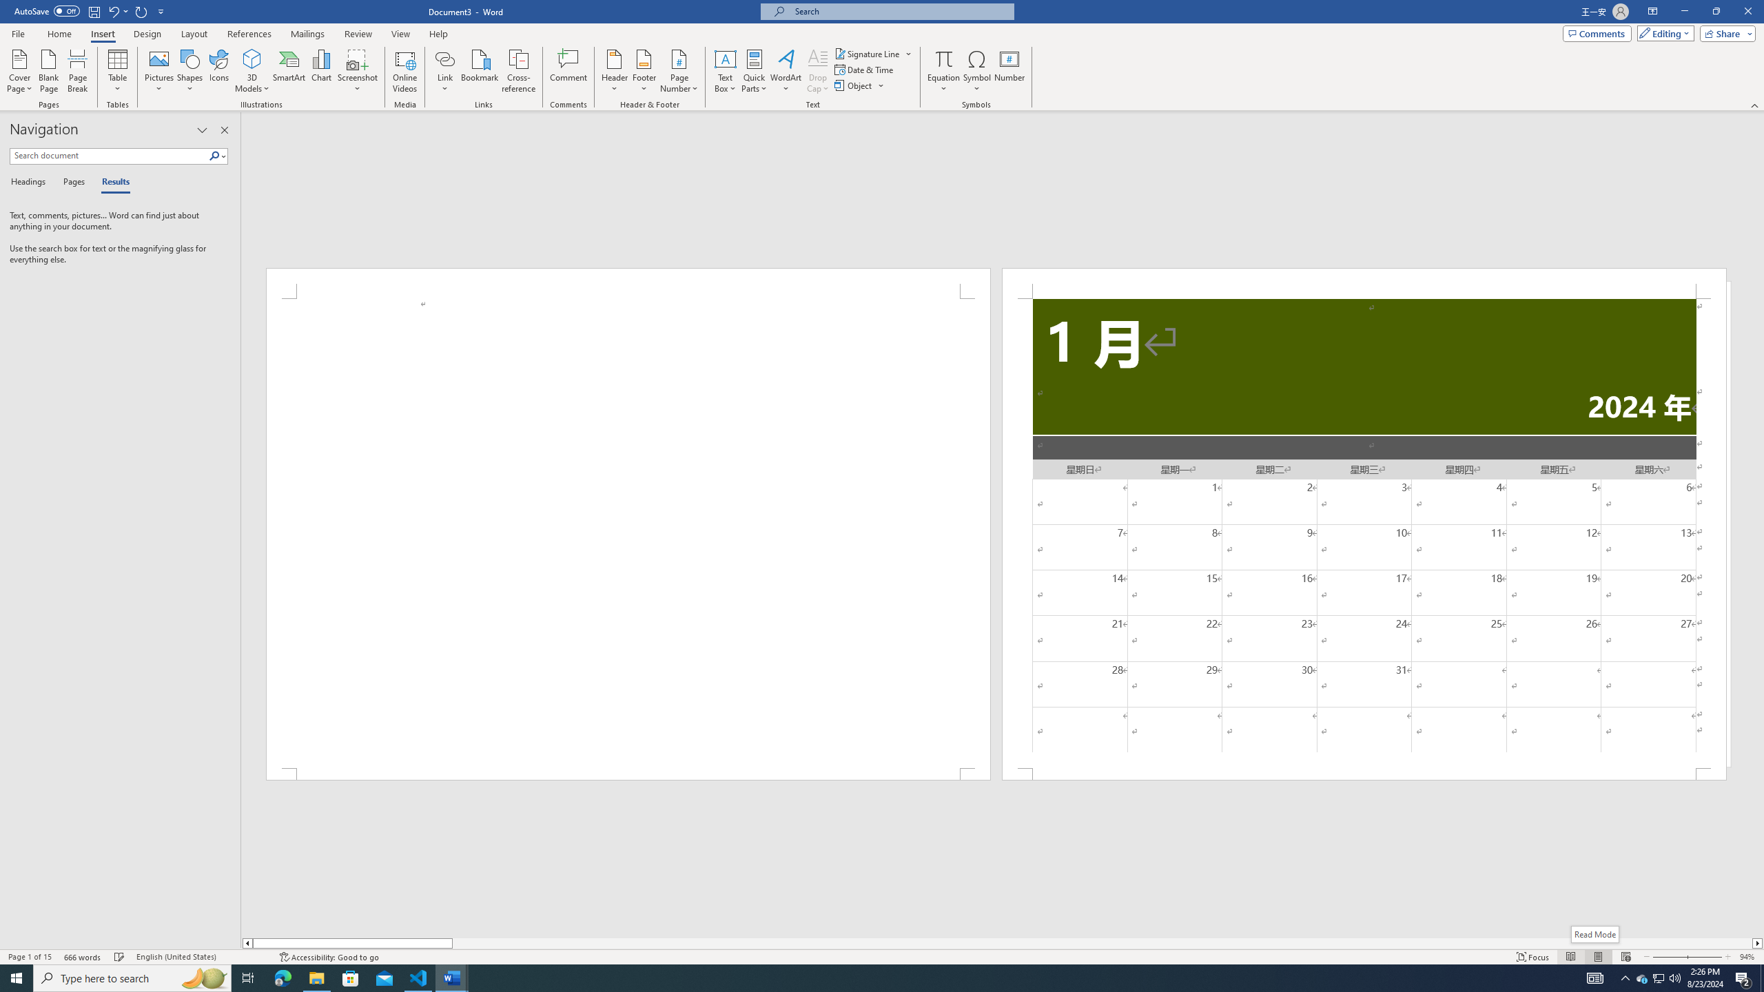 Image resolution: width=1764 pixels, height=992 pixels. Describe the element at coordinates (109, 155) in the screenshot. I see `'Search document'` at that location.